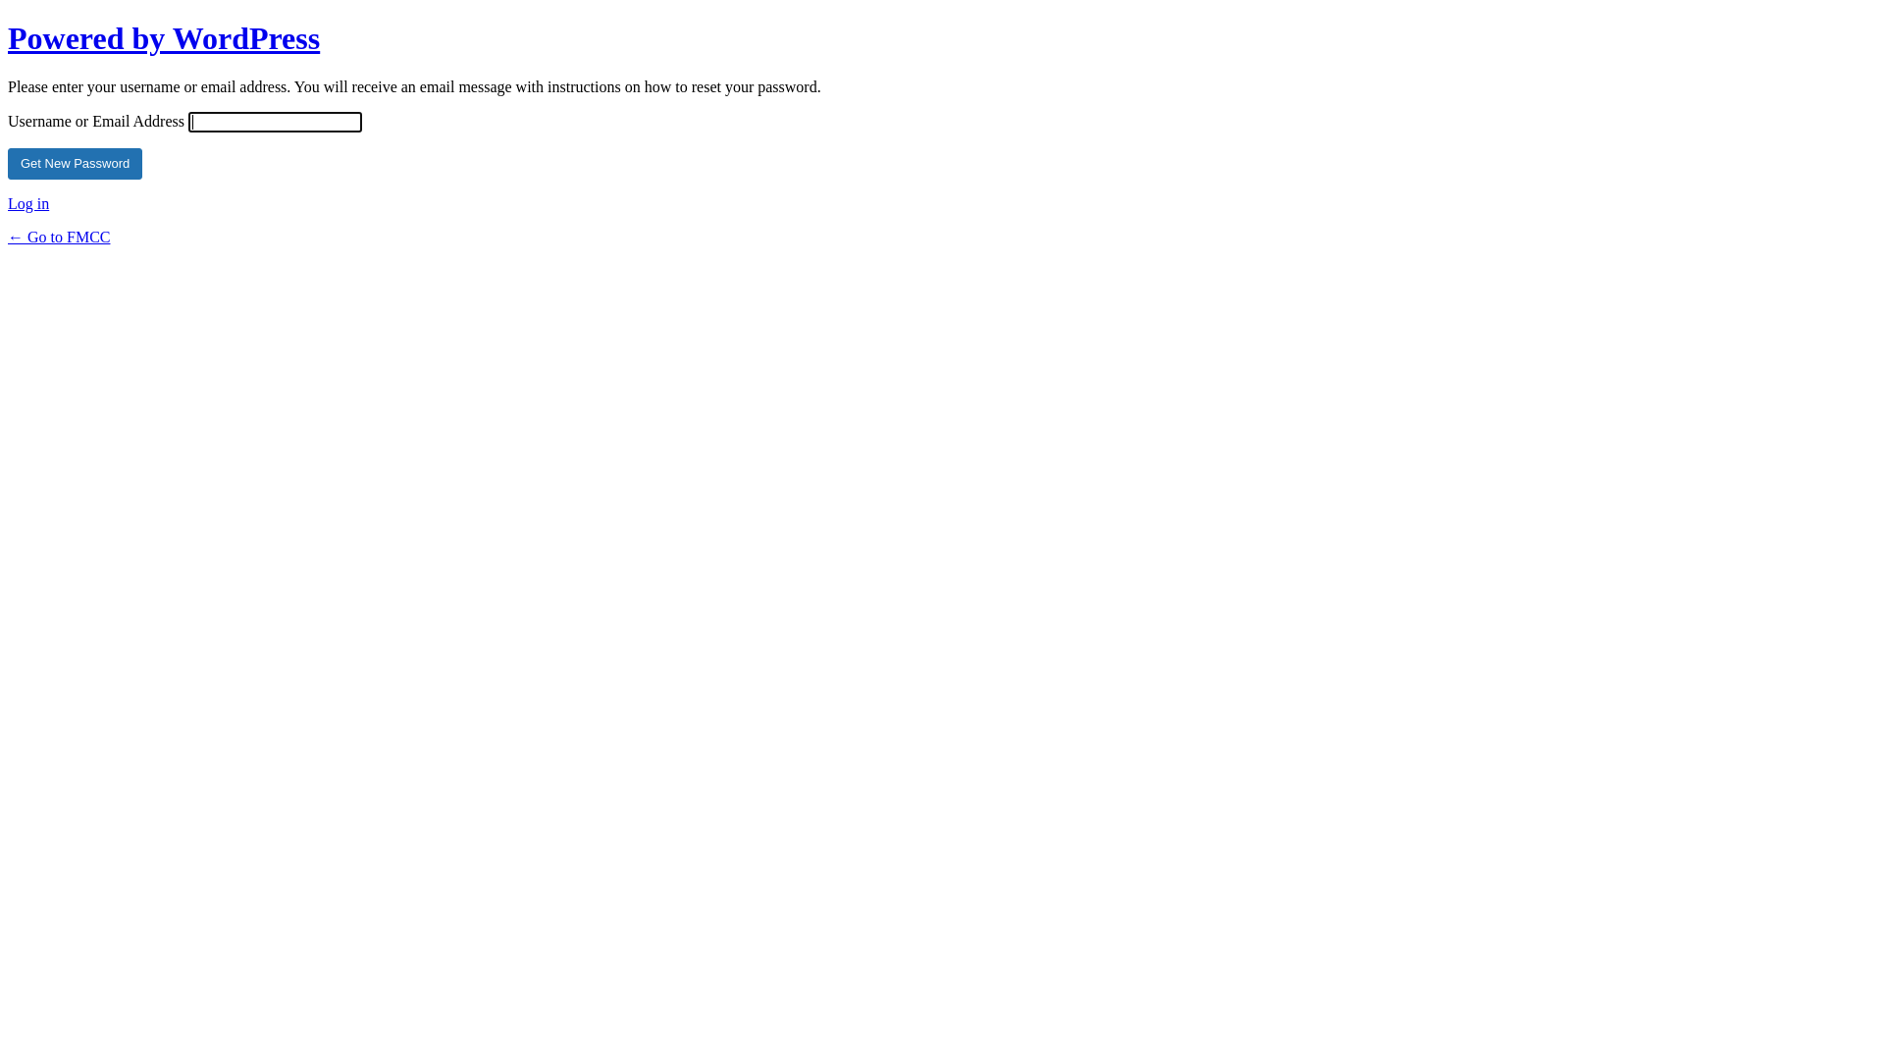  I want to click on 'Powered by WordPress', so click(164, 37).